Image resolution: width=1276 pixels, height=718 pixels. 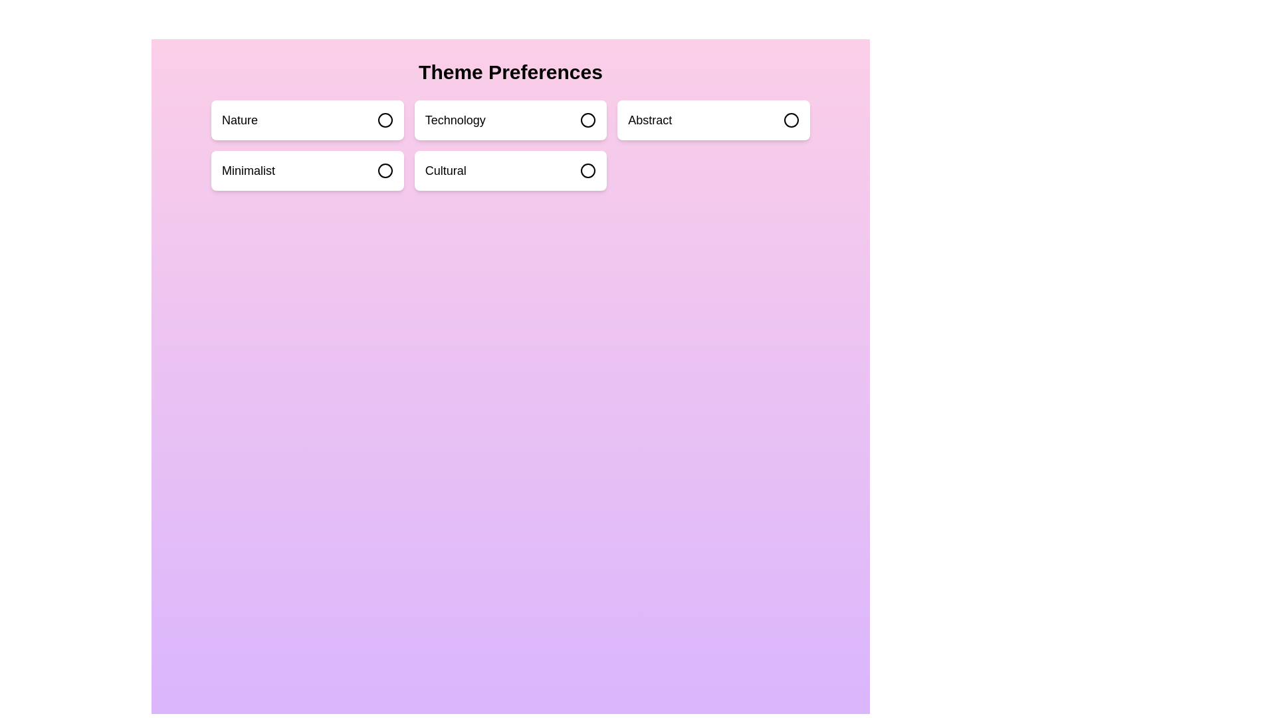 What do you see at coordinates (306, 120) in the screenshot?
I see `the theme box labeled Nature` at bounding box center [306, 120].